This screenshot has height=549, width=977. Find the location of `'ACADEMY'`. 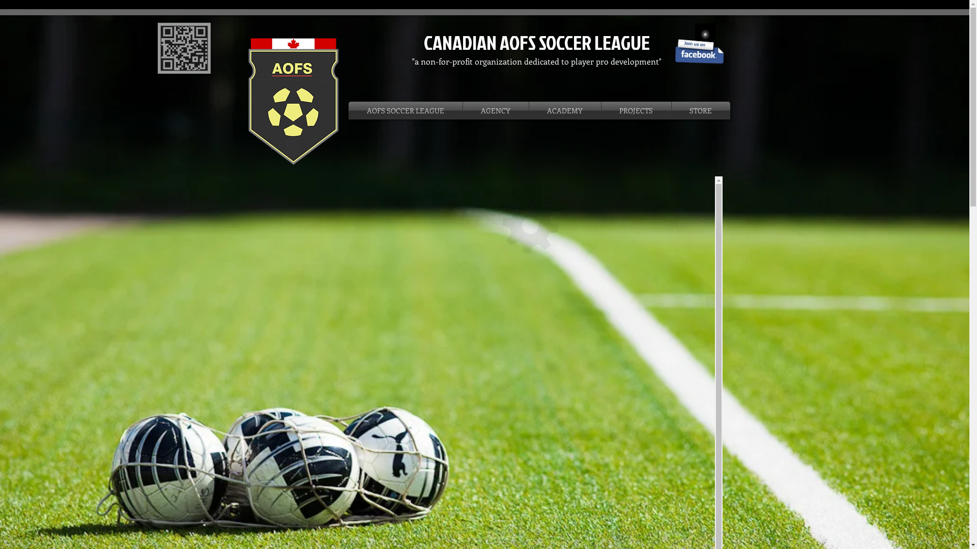

'ACADEMY' is located at coordinates (564, 110).